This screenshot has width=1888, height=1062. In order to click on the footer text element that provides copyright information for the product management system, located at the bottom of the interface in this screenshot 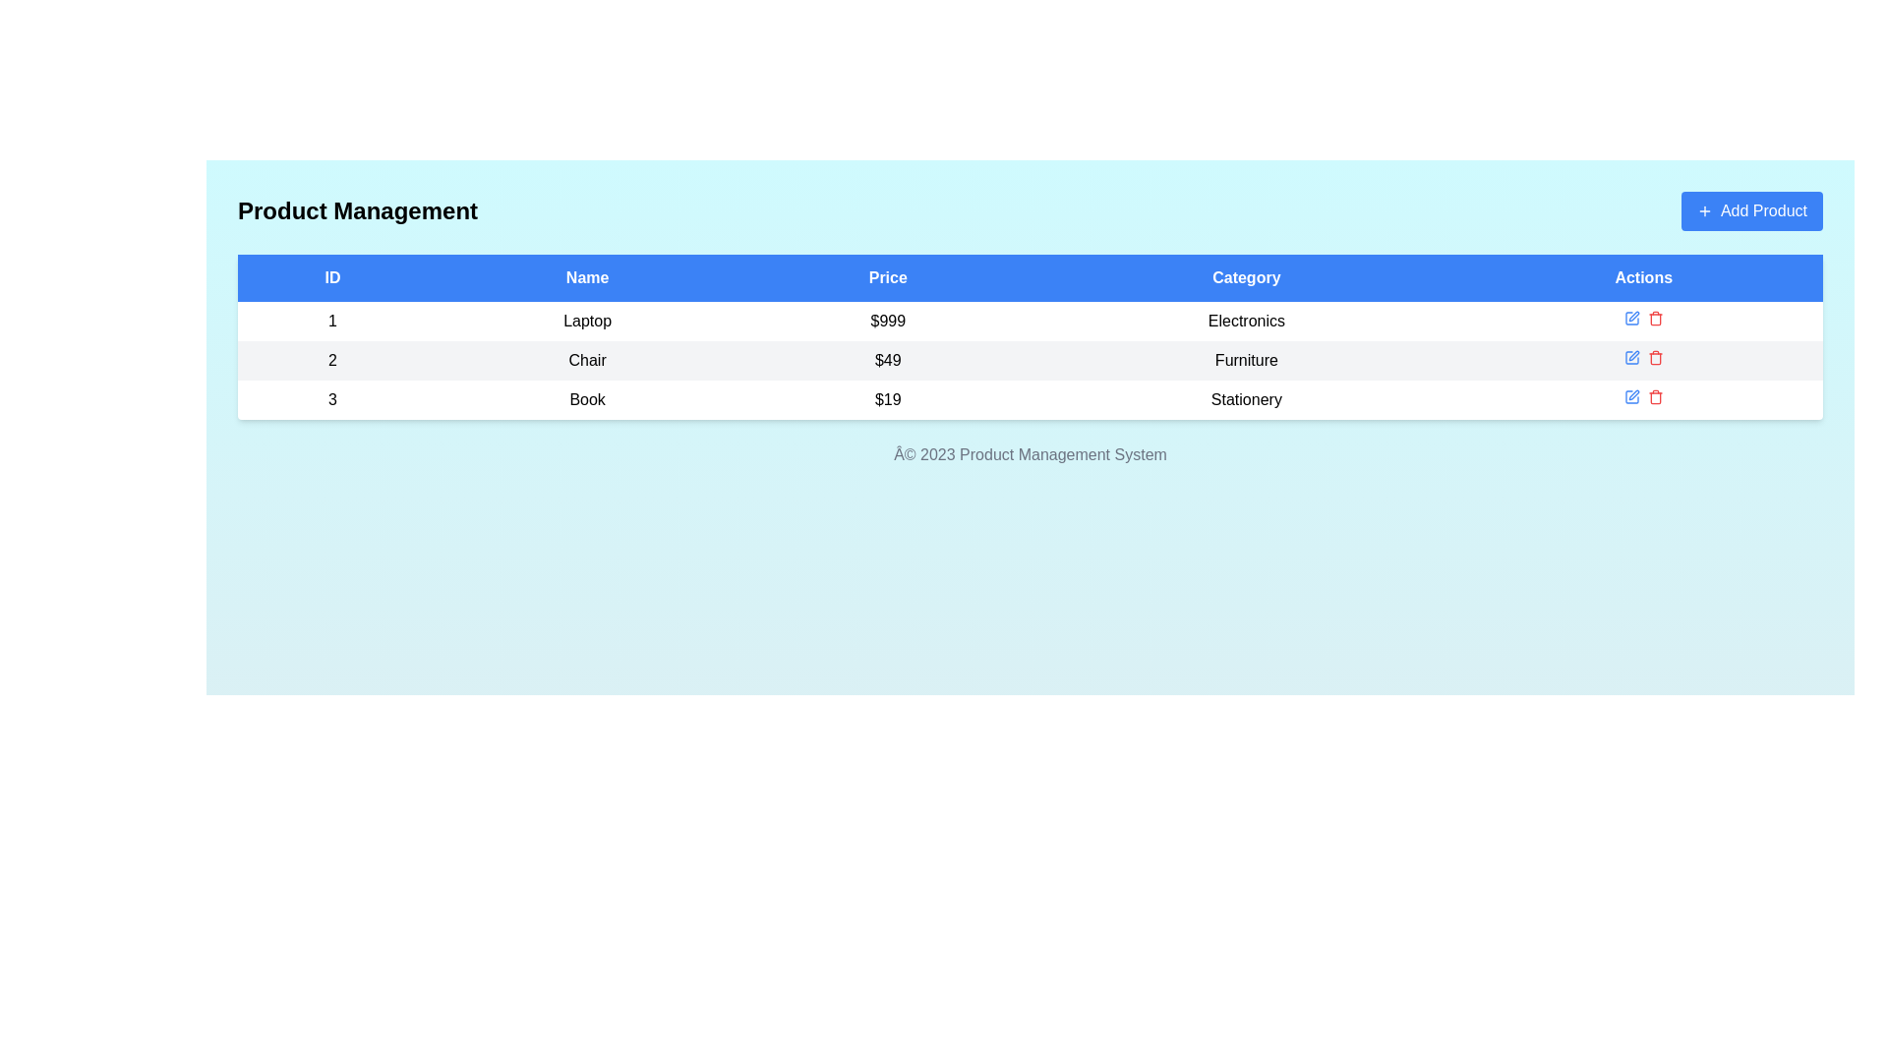, I will do `click(1029, 454)`.